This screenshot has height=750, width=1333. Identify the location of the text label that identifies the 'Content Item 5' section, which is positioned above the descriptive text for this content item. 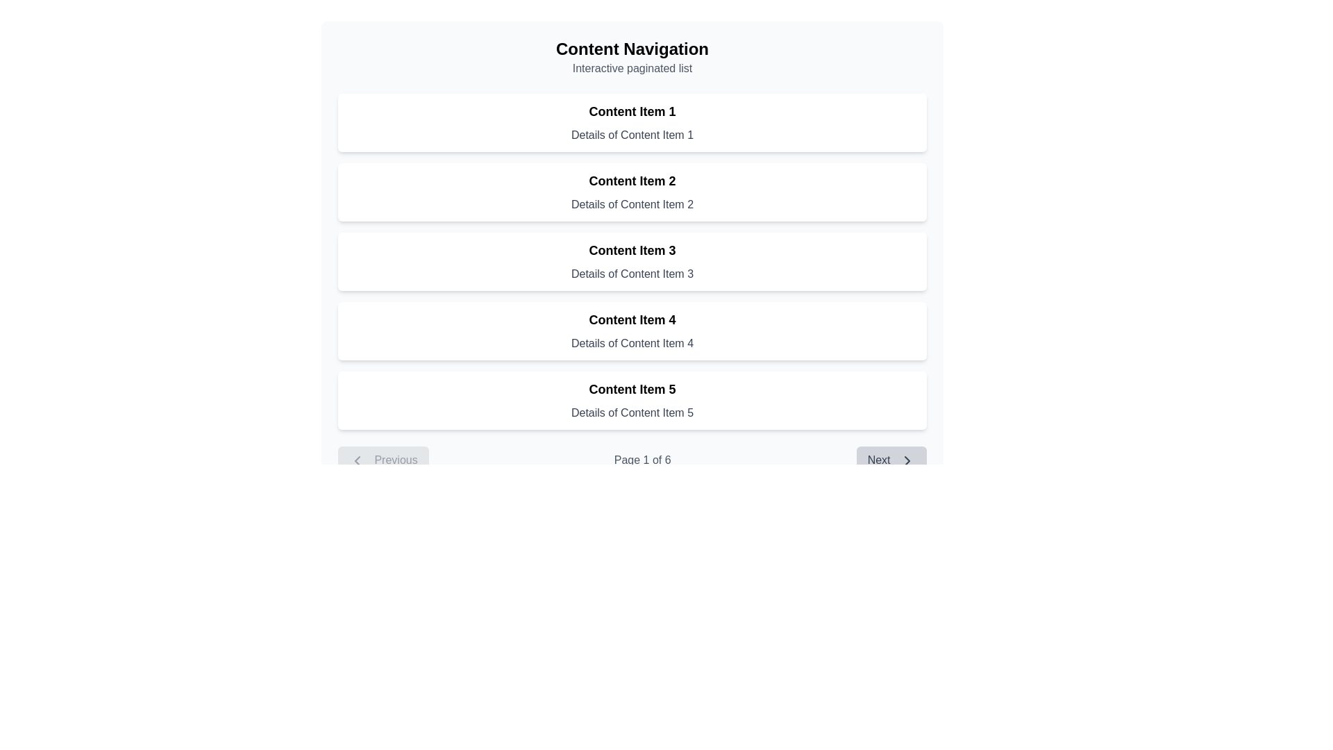
(632, 389).